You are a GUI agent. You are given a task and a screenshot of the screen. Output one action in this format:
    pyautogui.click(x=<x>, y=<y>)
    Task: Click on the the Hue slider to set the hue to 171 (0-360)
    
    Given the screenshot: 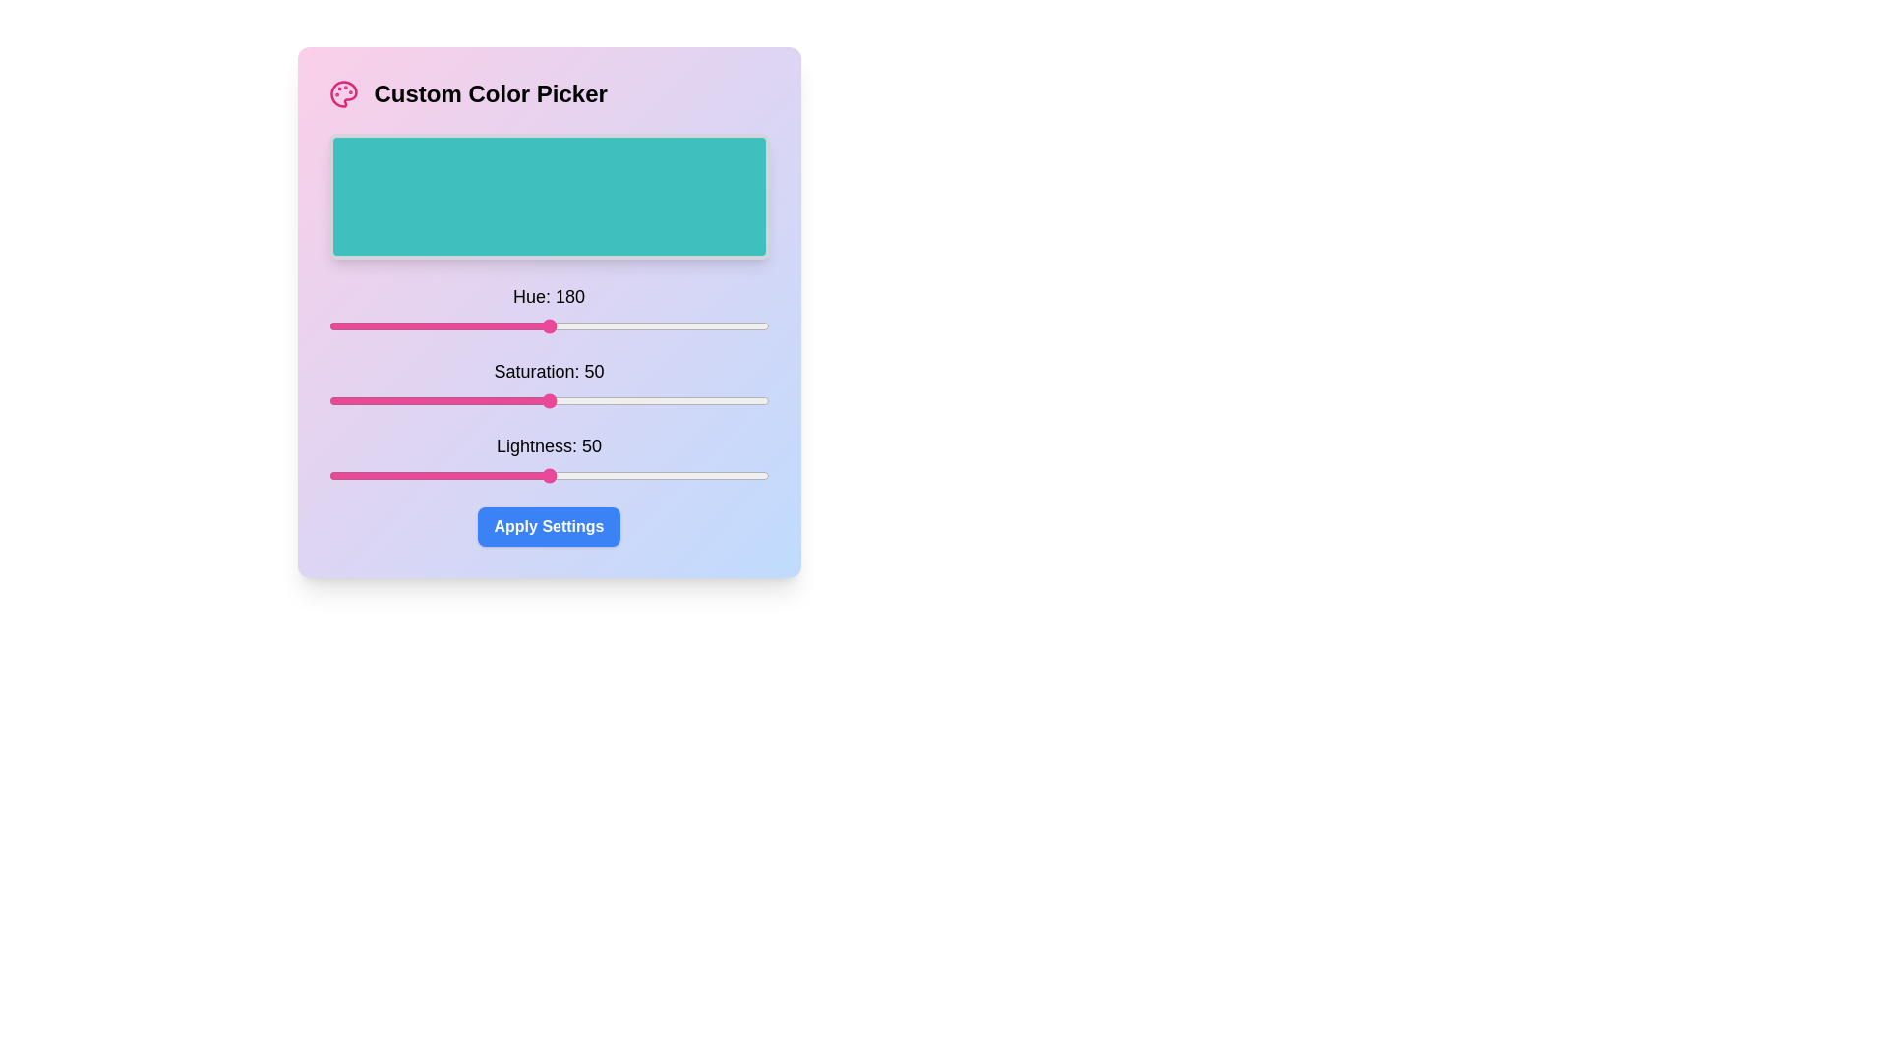 What is the action you would take?
    pyautogui.click(x=538, y=324)
    